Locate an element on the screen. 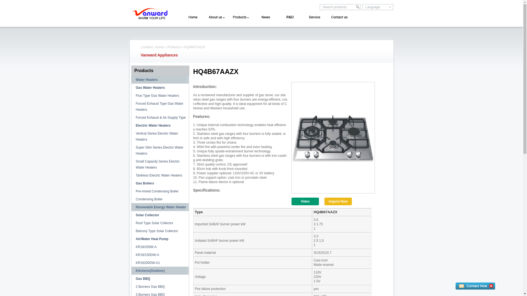  'Forced Exhaust & Air-Supply Type' is located at coordinates (131, 117).